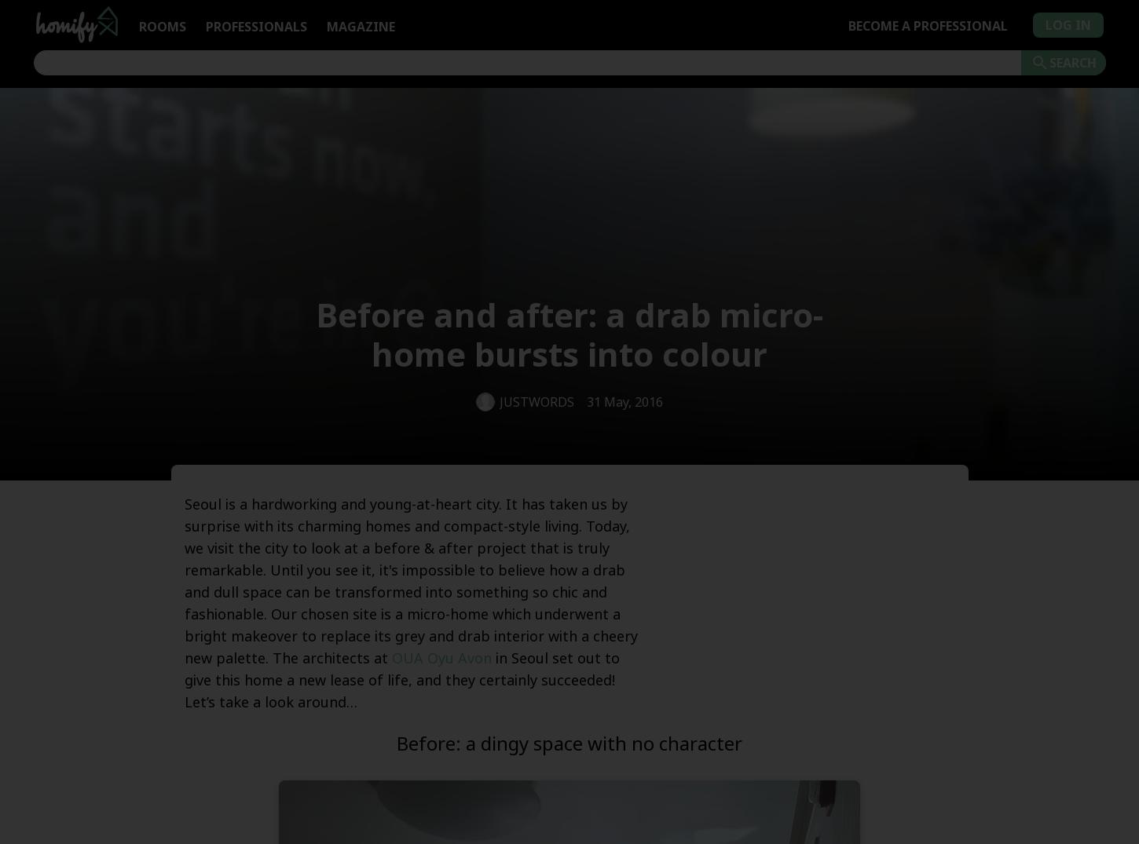 The height and width of the screenshot is (844, 1139). What do you see at coordinates (255, 25) in the screenshot?
I see `'Professionals'` at bounding box center [255, 25].